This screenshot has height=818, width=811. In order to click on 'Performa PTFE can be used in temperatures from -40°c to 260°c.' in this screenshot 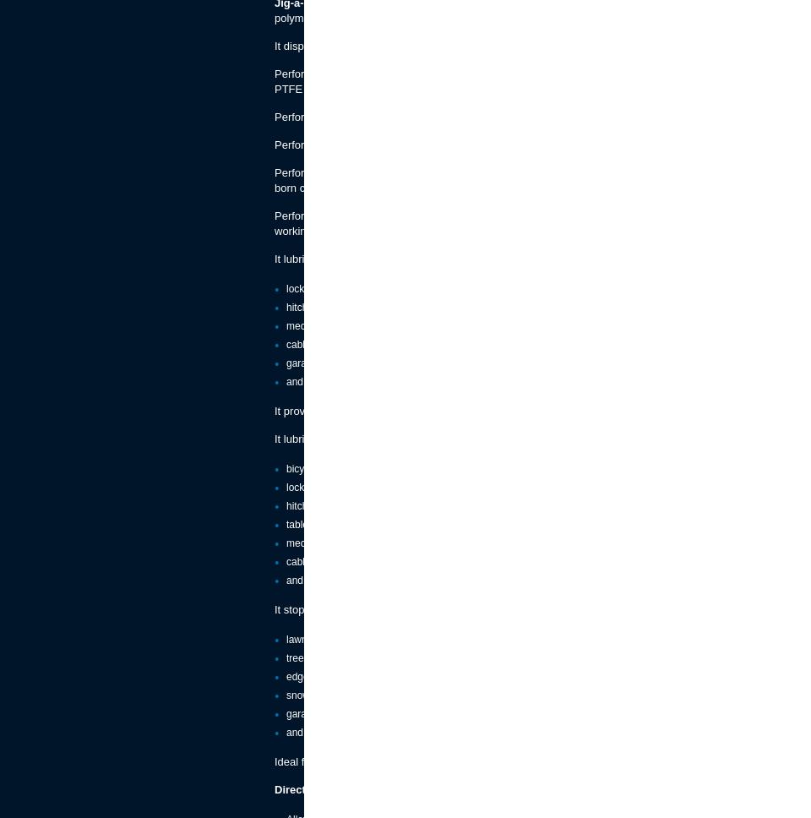, I will do `click(434, 116)`.